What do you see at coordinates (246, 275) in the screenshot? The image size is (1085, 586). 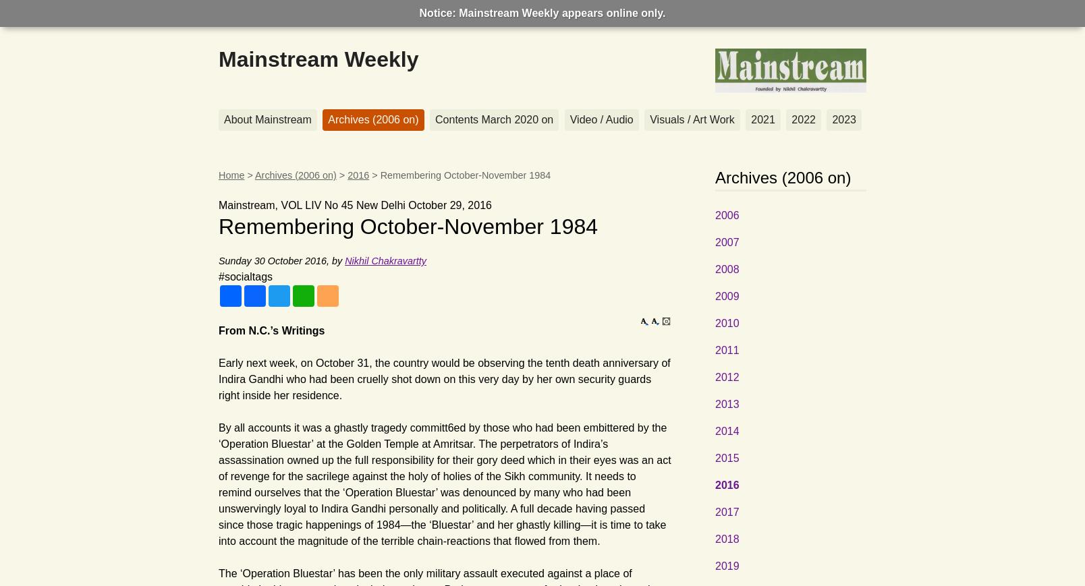 I see `'#socialtags'` at bounding box center [246, 275].